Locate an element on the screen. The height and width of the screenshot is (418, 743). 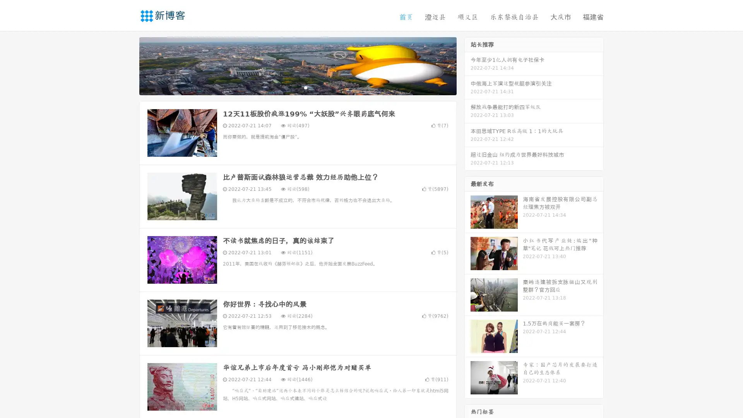
Previous slide is located at coordinates (128, 65).